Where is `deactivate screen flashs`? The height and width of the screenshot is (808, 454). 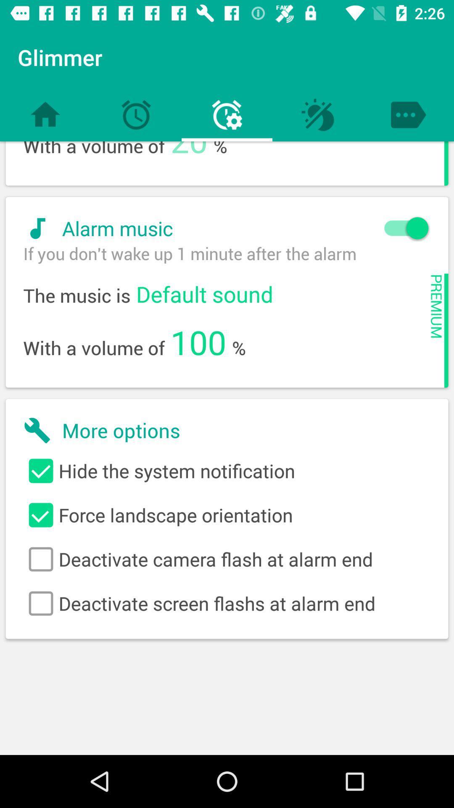
deactivate screen flashs is located at coordinates (227, 603).